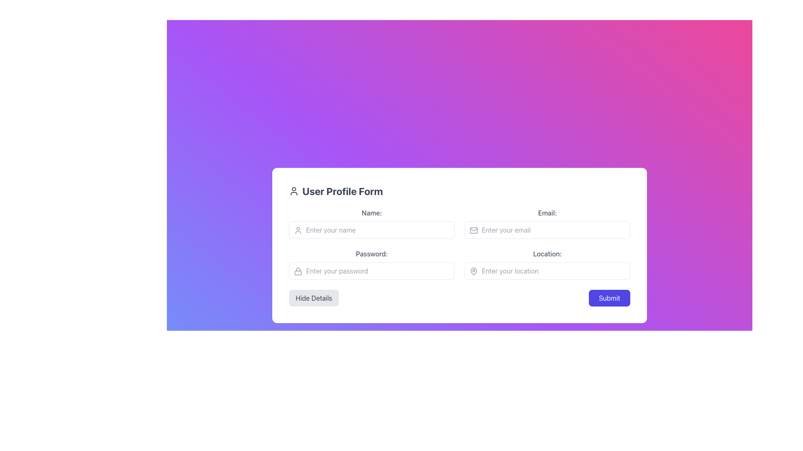 This screenshot has width=803, height=451. I want to click on the 'Submit' button, which is a deep indigo rectangular button with rounded edges located at the bottom-right corner of the form, so click(609, 297).